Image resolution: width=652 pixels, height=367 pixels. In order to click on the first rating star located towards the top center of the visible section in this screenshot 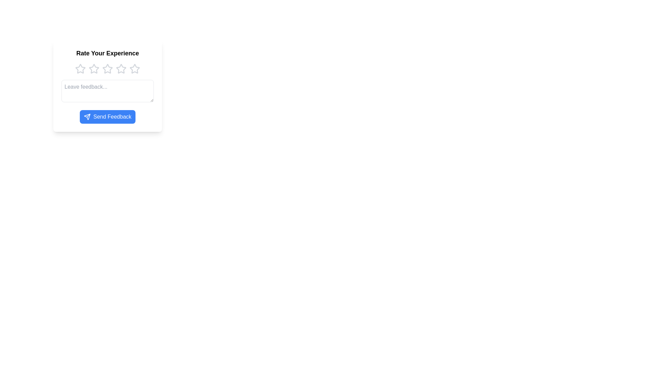, I will do `click(80, 69)`.